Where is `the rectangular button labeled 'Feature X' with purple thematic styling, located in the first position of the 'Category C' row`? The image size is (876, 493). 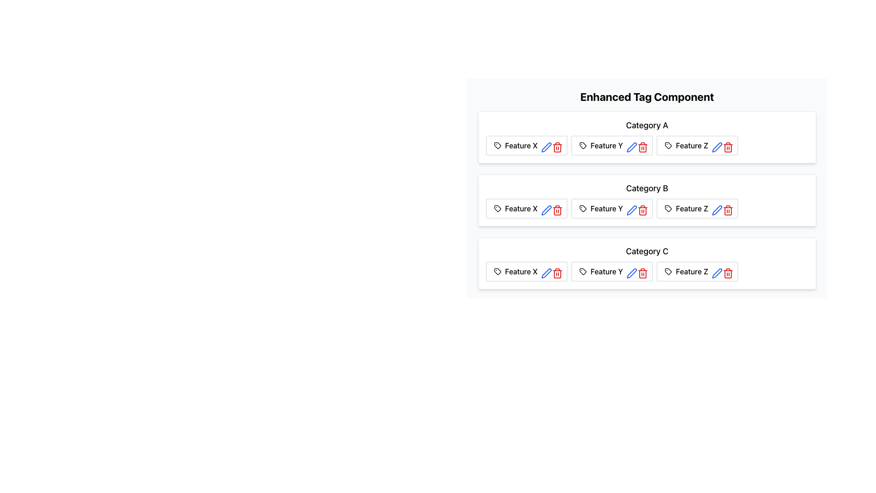 the rectangular button labeled 'Feature X' with purple thematic styling, located in the first position of the 'Category C' row is located at coordinates (527, 271).